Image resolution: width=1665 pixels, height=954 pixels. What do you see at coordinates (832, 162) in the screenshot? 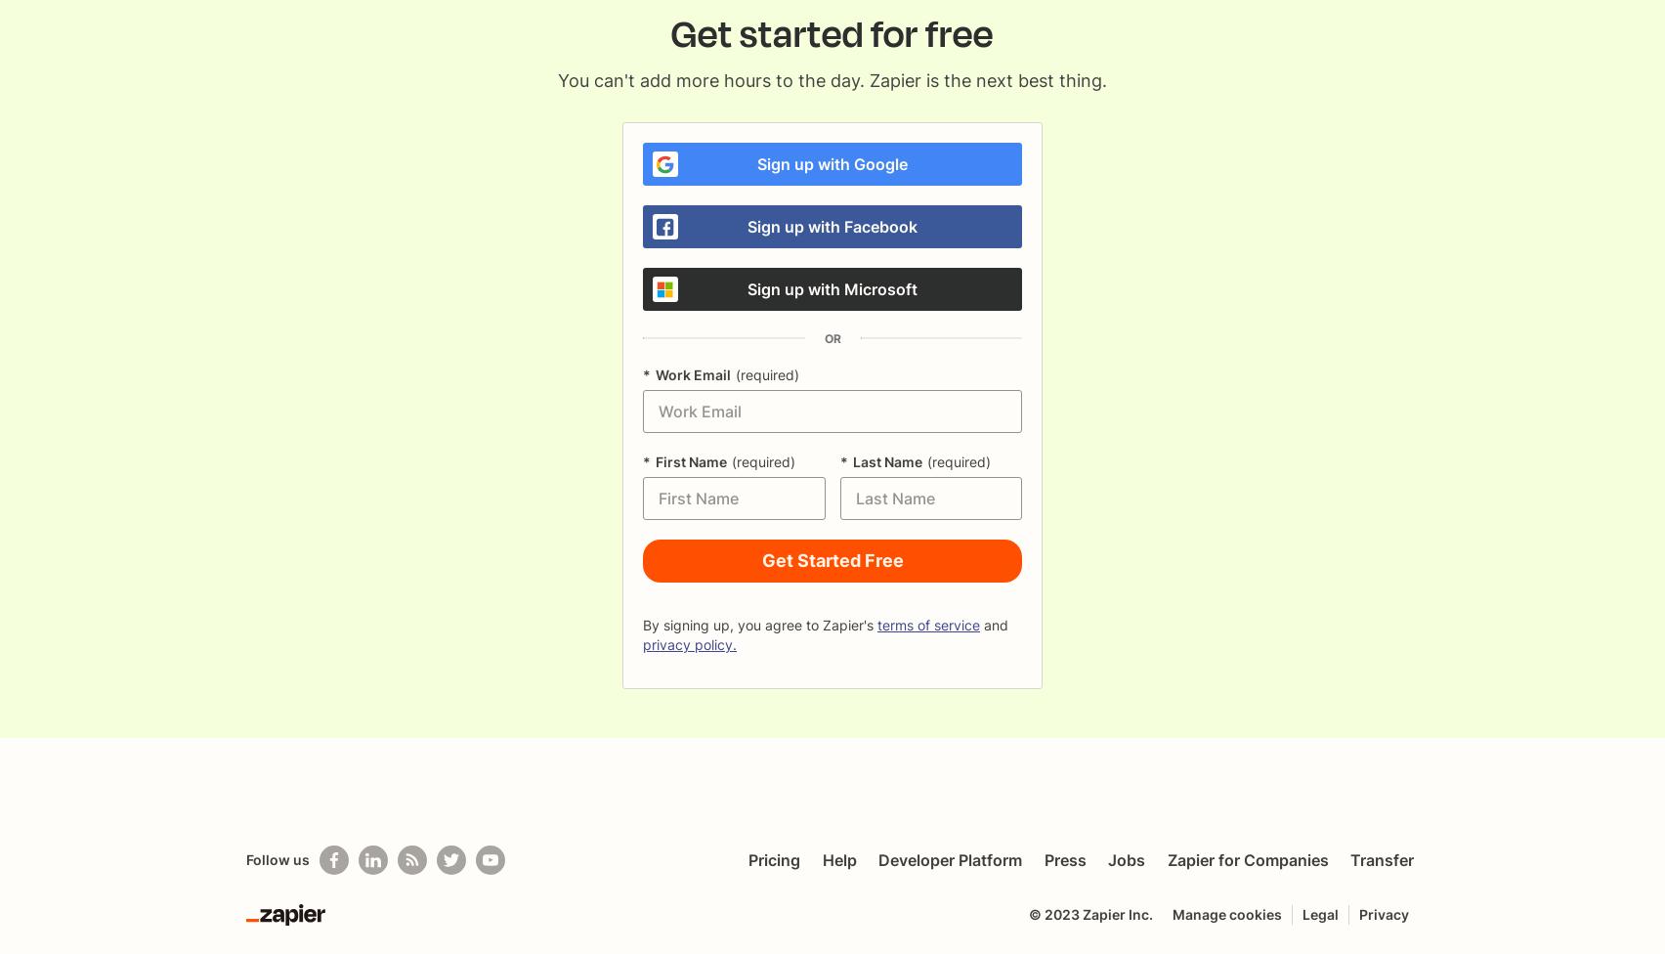
I see `'Sign up with Google'` at bounding box center [832, 162].